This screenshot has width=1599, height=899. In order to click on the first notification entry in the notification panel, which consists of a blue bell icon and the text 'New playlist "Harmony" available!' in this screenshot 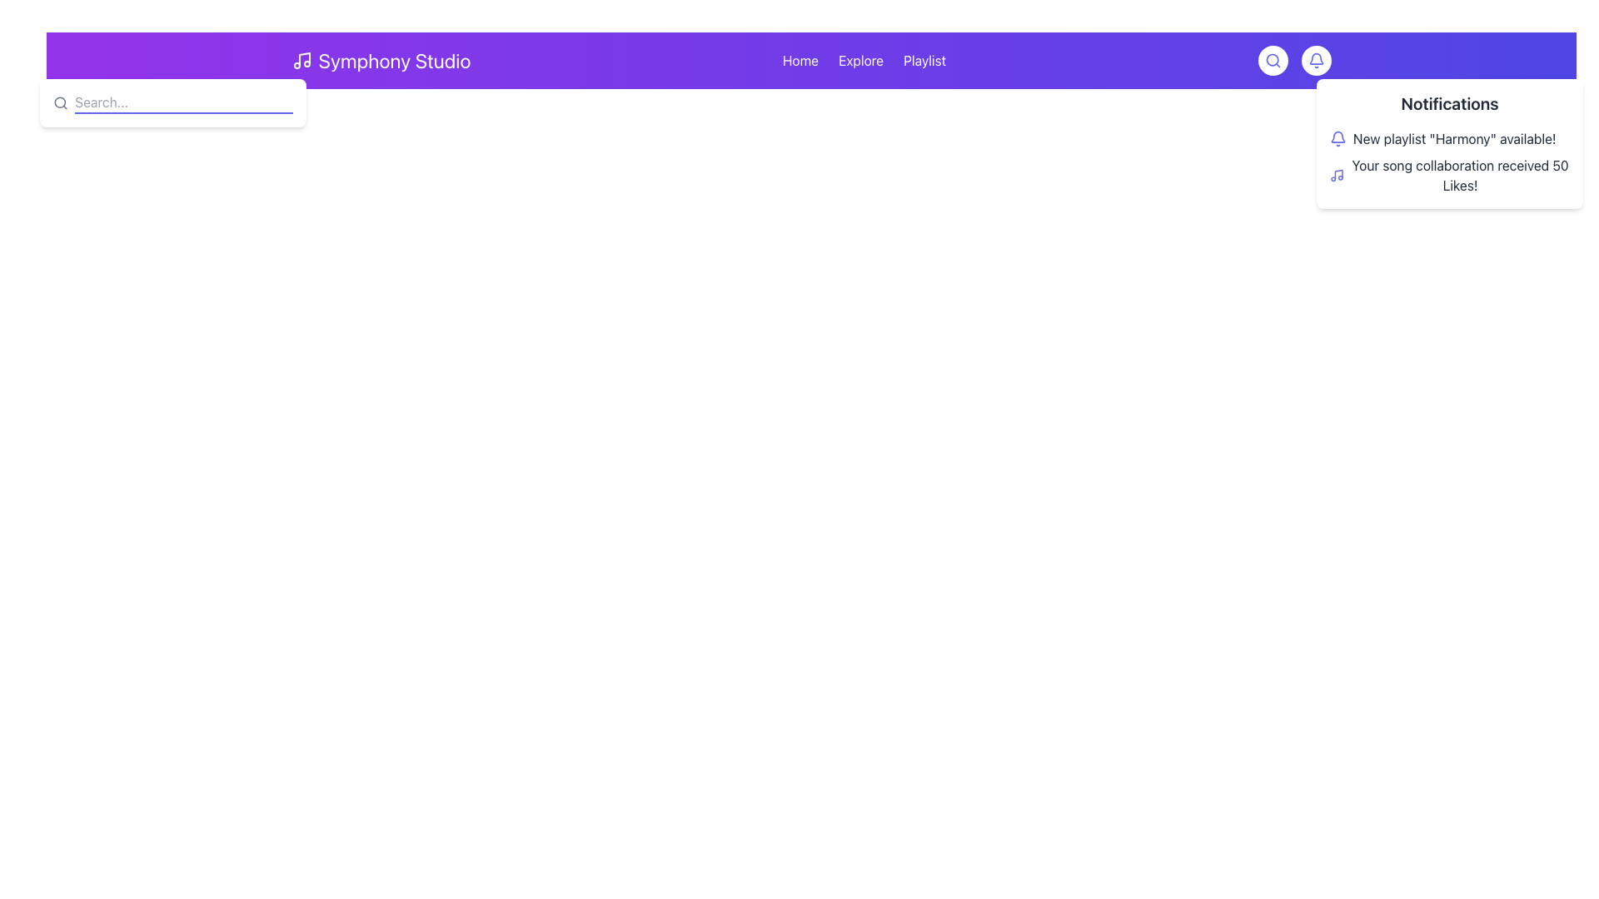, I will do `click(1449, 137)`.